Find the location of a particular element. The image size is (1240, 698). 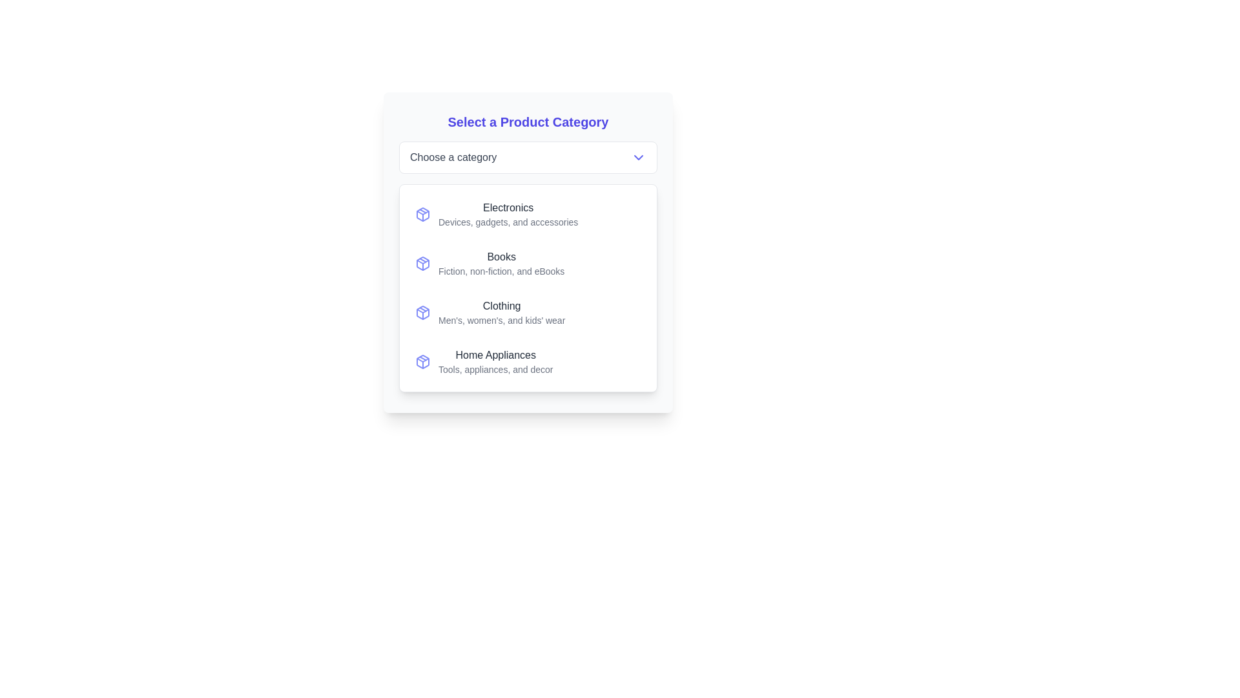

the 'Clothing' category icon, which is the second item in the vertical list, aligned to the left of the text 'Clothing - Men's, women's, and kids' wear is located at coordinates (422, 312).